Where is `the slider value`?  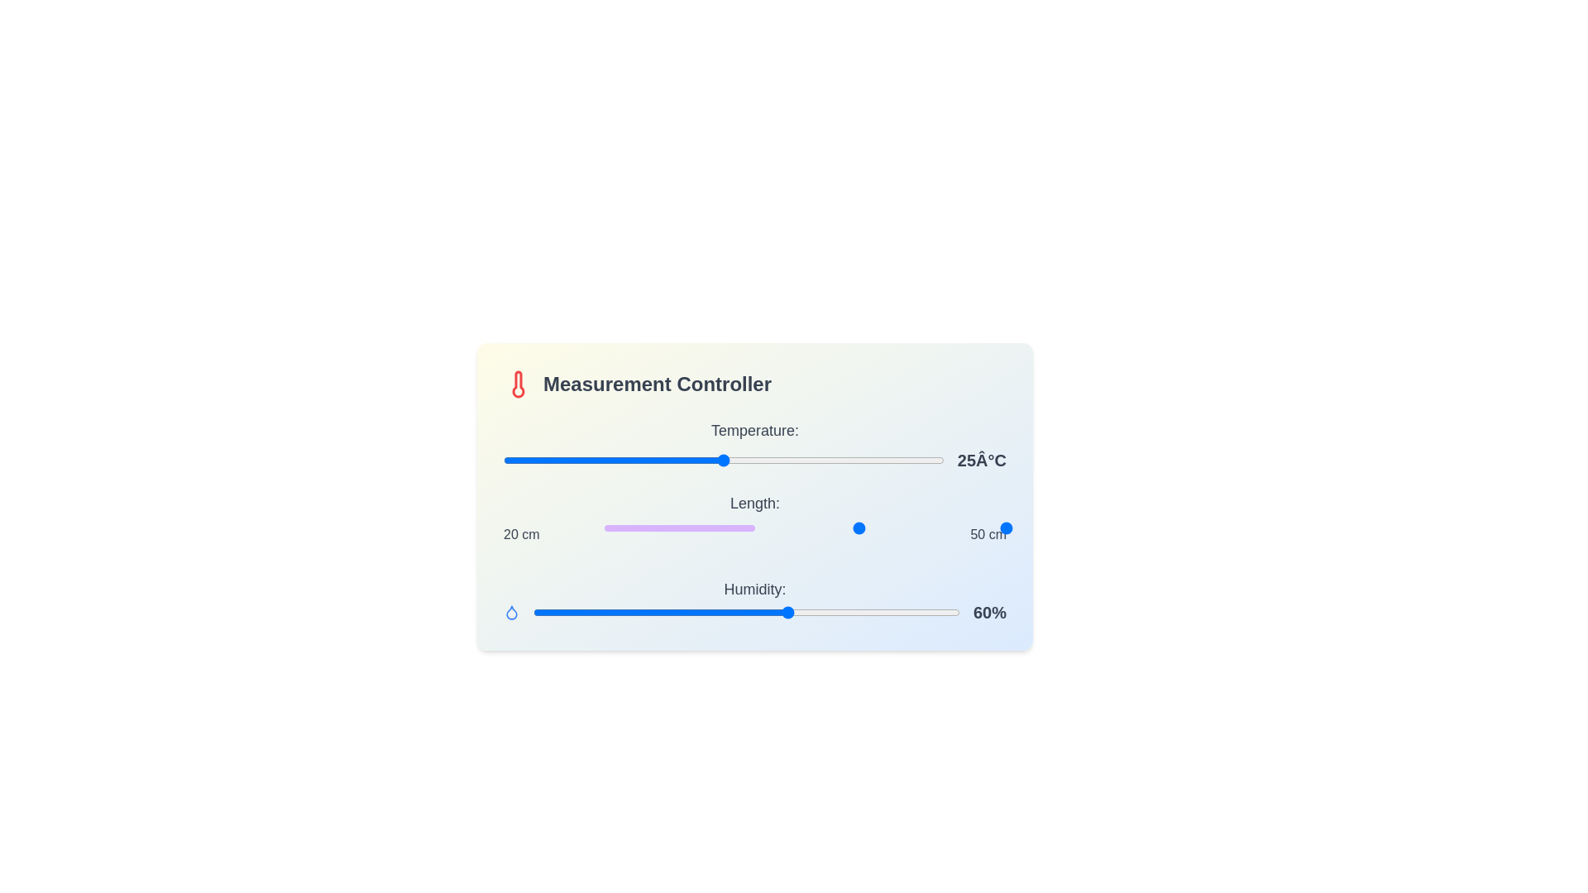
the slider value is located at coordinates (840, 528).